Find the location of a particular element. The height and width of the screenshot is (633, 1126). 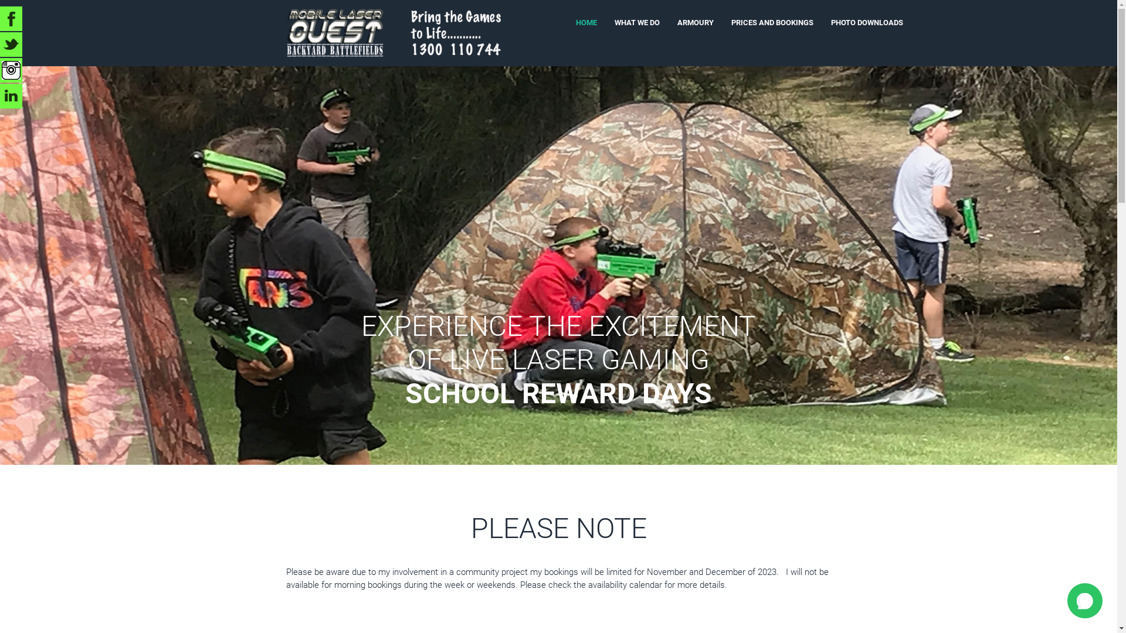

'WHAT WE DO' is located at coordinates (636, 22).